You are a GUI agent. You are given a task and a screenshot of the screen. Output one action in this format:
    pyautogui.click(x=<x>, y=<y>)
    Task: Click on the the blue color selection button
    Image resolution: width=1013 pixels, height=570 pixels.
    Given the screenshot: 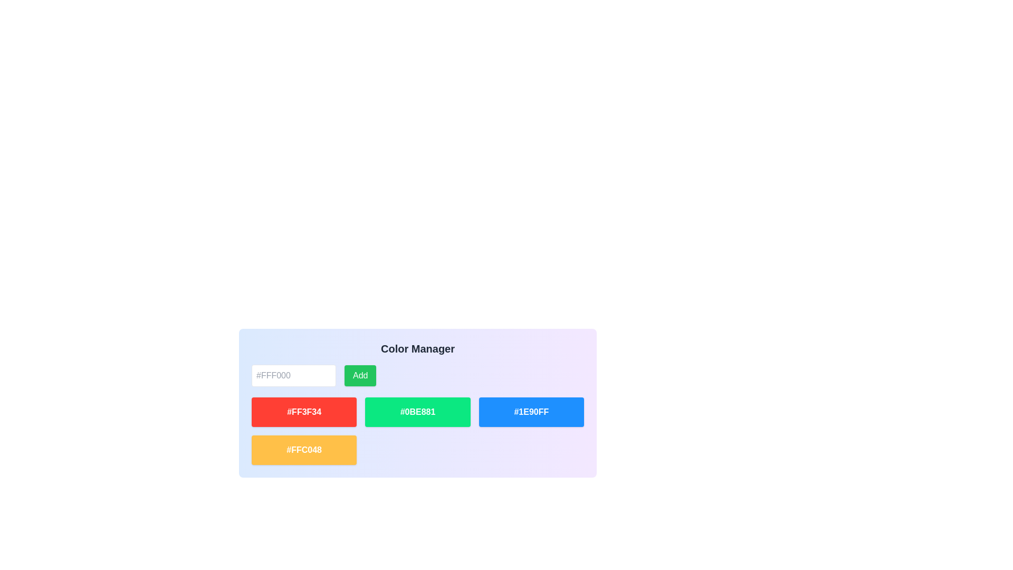 What is the action you would take?
    pyautogui.click(x=531, y=411)
    